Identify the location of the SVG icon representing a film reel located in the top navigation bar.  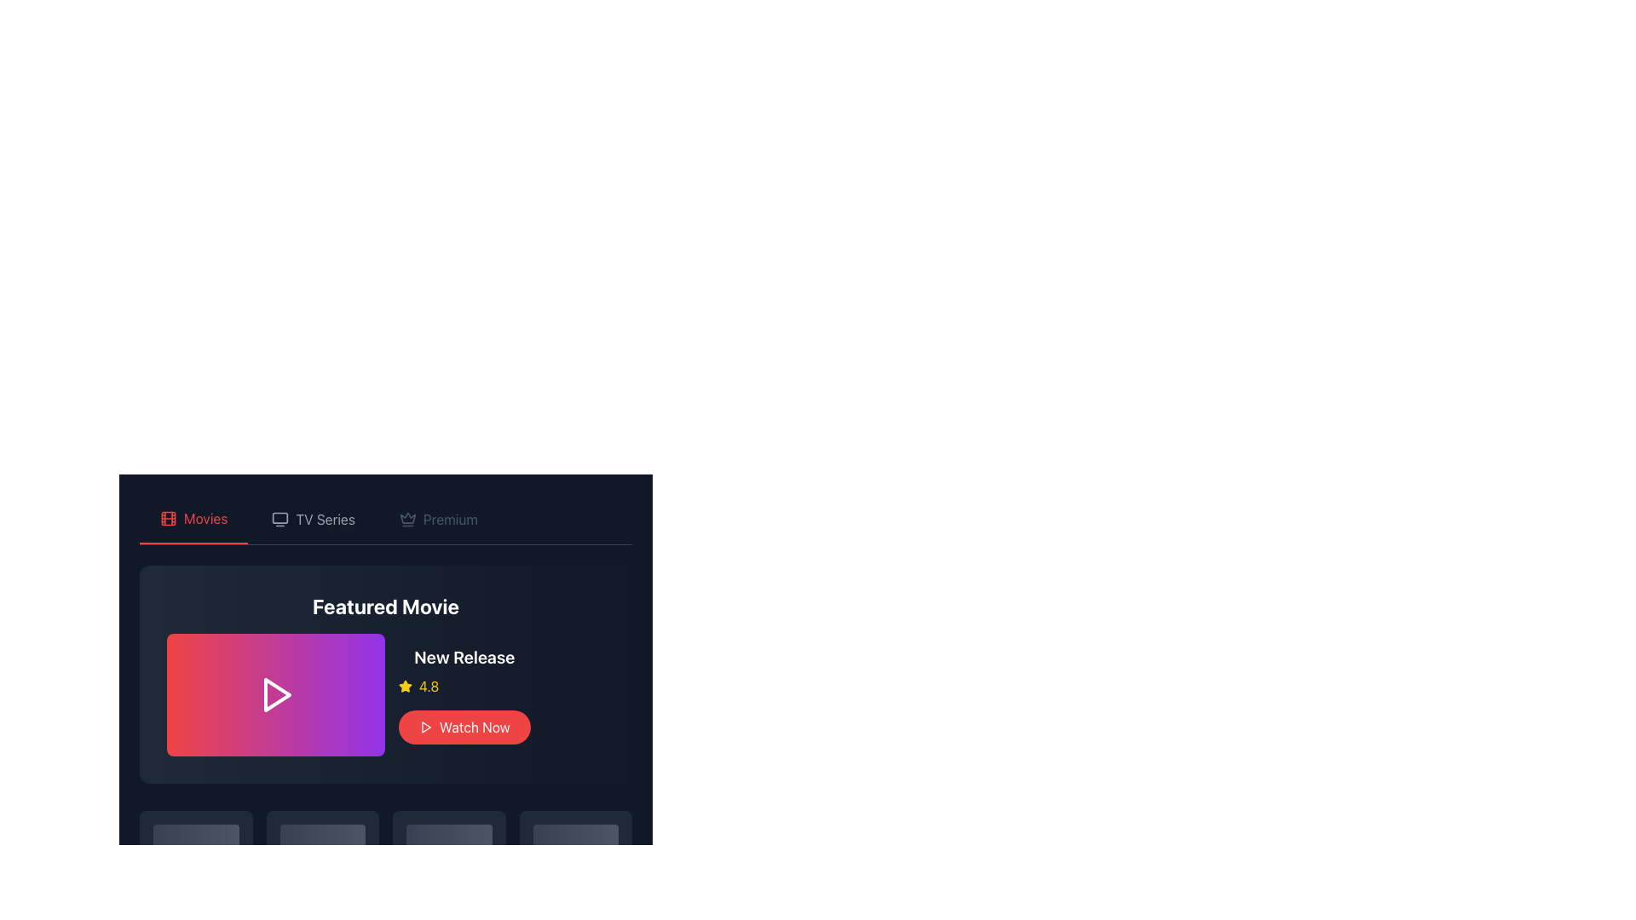
(168, 518).